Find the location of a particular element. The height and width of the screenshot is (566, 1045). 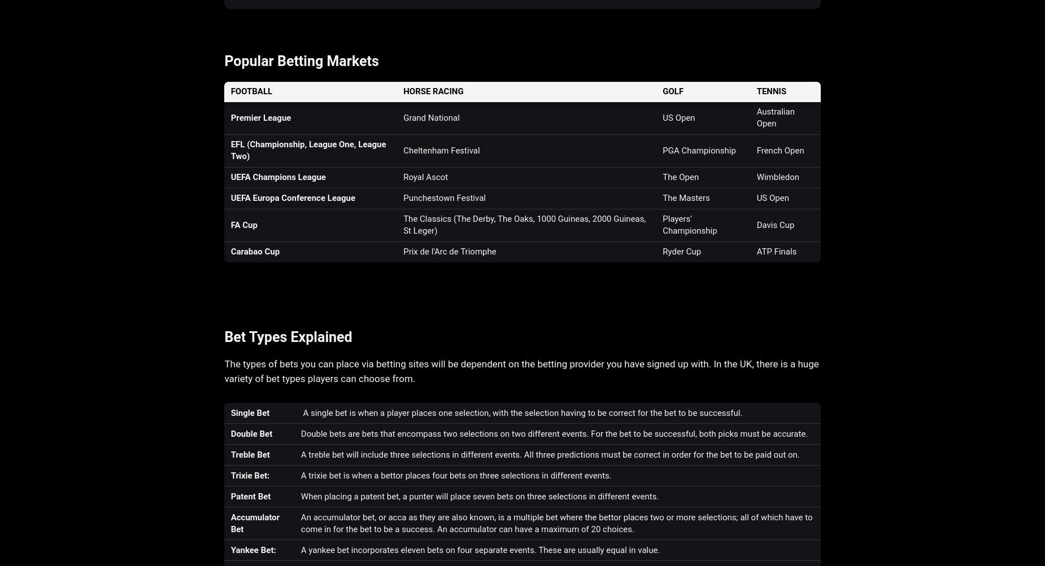

'A treble bet will include three selections in different events. All three predictions must be correct in order for the bet to be paid out on.' is located at coordinates (549, 454).